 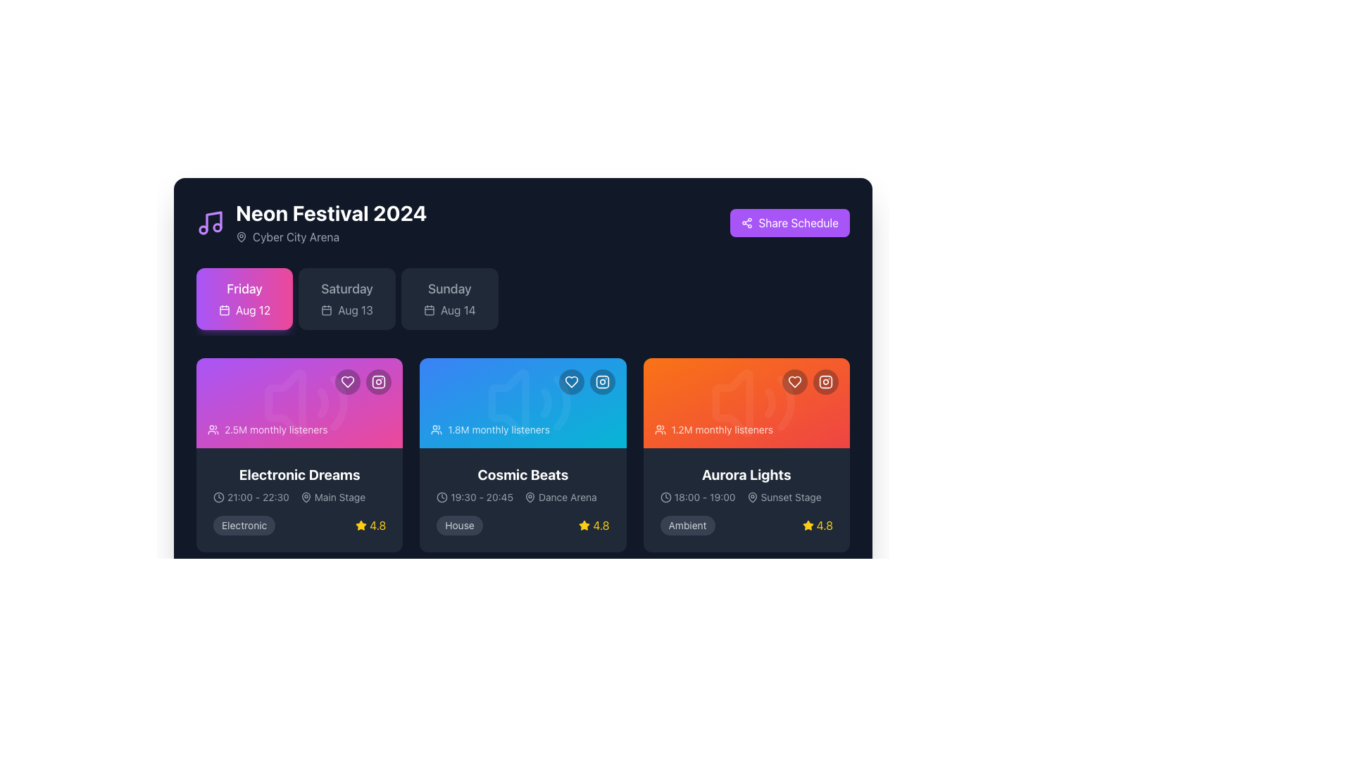 What do you see at coordinates (428, 309) in the screenshot?
I see `the calendar icon located to the left of the 'Aug 14' text button in the top section of the interface` at bounding box center [428, 309].